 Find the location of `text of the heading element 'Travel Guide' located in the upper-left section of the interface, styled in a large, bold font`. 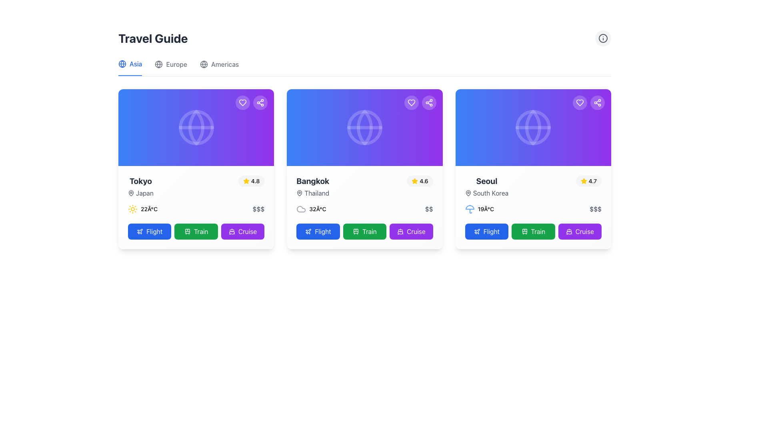

text of the heading element 'Travel Guide' located in the upper-left section of the interface, styled in a large, bold font is located at coordinates (153, 38).